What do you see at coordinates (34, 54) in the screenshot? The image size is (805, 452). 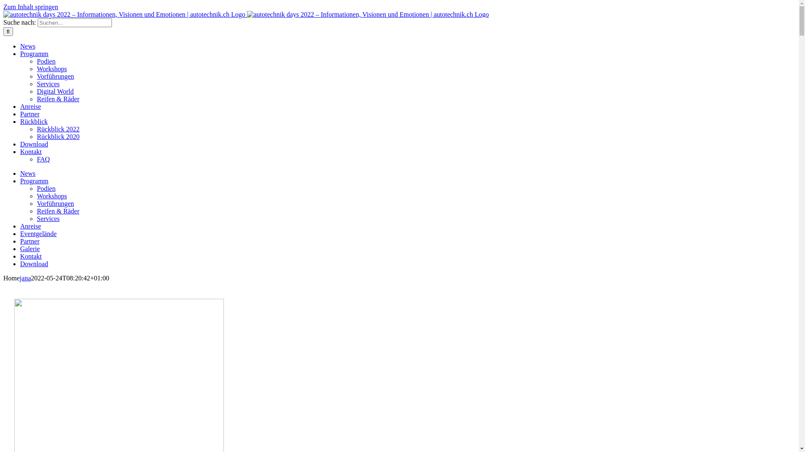 I see `'Programm'` at bounding box center [34, 54].